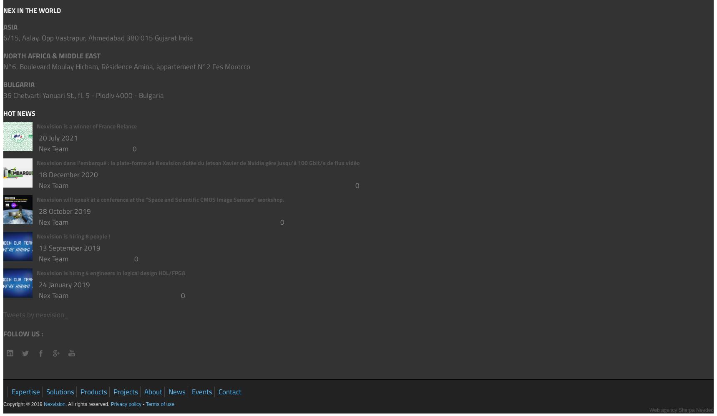  Describe the element at coordinates (159, 403) in the screenshot. I see `'Terms of use'` at that location.